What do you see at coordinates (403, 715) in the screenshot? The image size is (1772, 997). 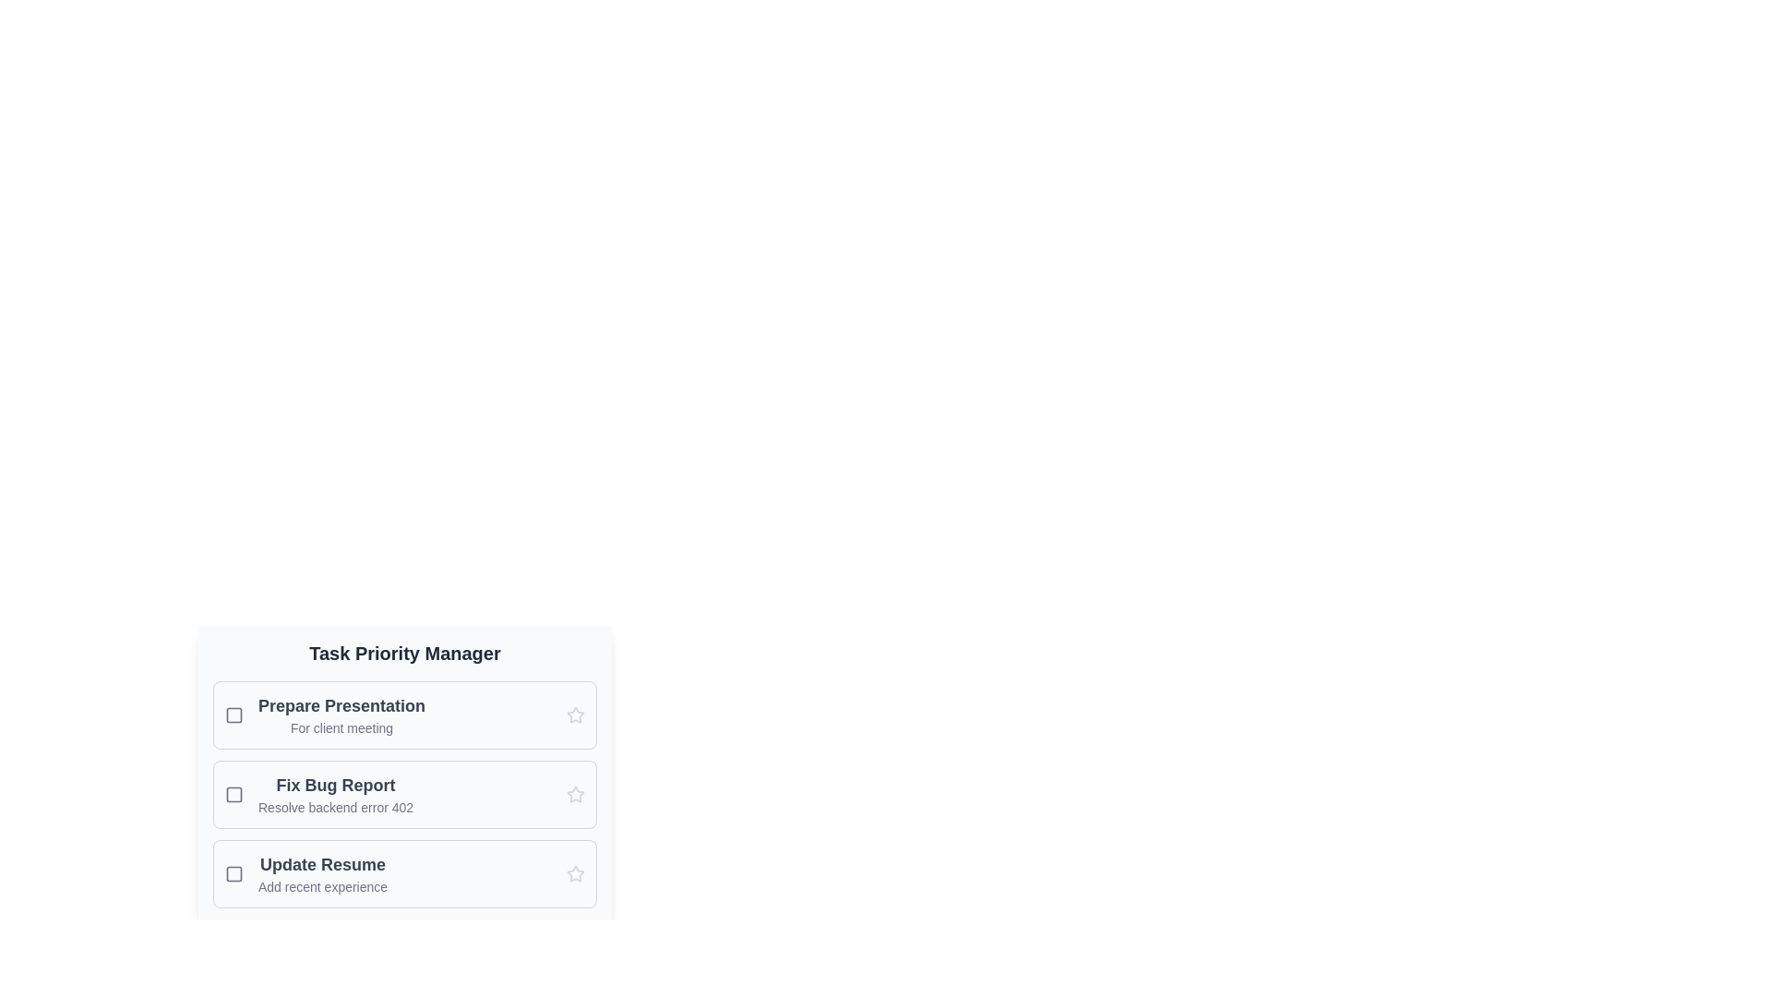 I see `to select or interact with the 'Prepare Presentation' card, which is the first card in the 'Task Priority Manager' section, featuring a bold title and a checkbox` at bounding box center [403, 715].